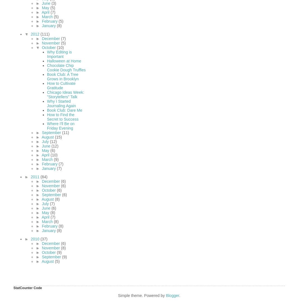 The height and width of the screenshot is (302, 296). I want to click on '(84)', so click(43, 176).